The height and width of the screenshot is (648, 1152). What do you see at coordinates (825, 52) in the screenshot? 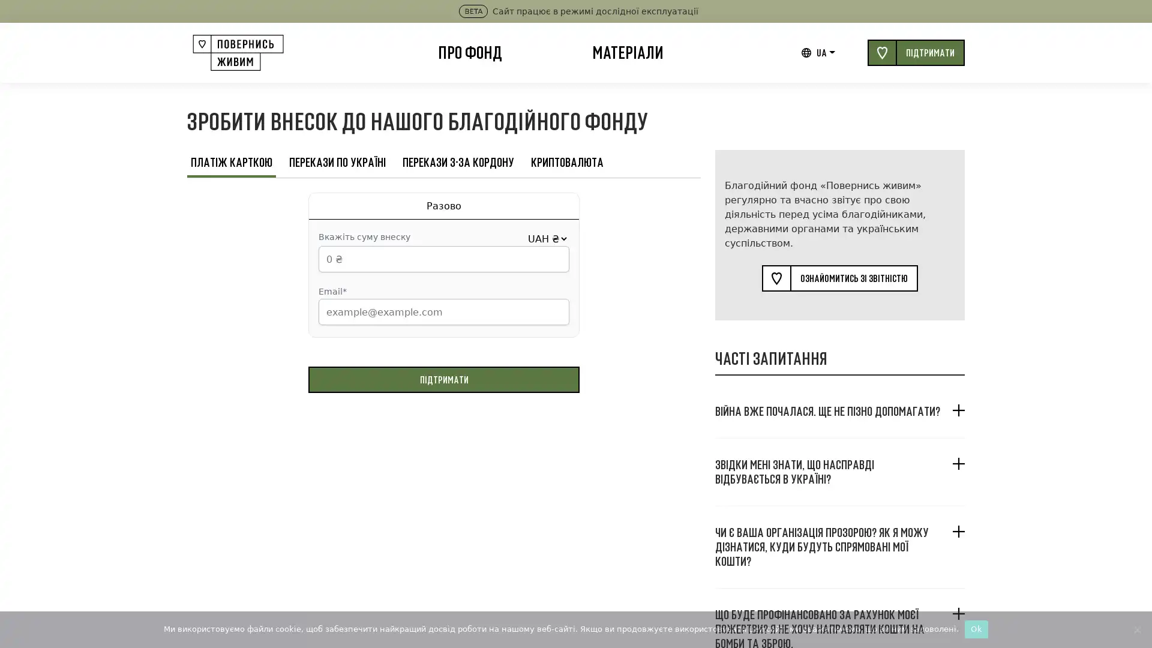
I see `UA` at bounding box center [825, 52].